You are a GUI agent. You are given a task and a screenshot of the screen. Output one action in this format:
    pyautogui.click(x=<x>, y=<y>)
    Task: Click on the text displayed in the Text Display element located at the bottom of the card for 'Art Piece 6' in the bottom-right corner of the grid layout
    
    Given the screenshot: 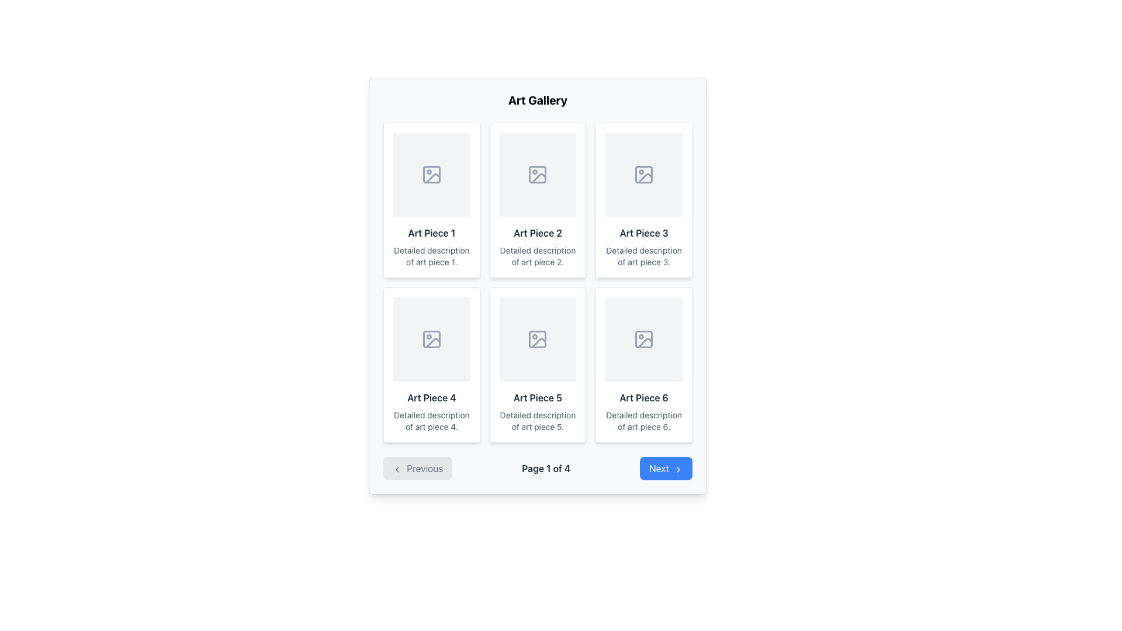 What is the action you would take?
    pyautogui.click(x=643, y=421)
    